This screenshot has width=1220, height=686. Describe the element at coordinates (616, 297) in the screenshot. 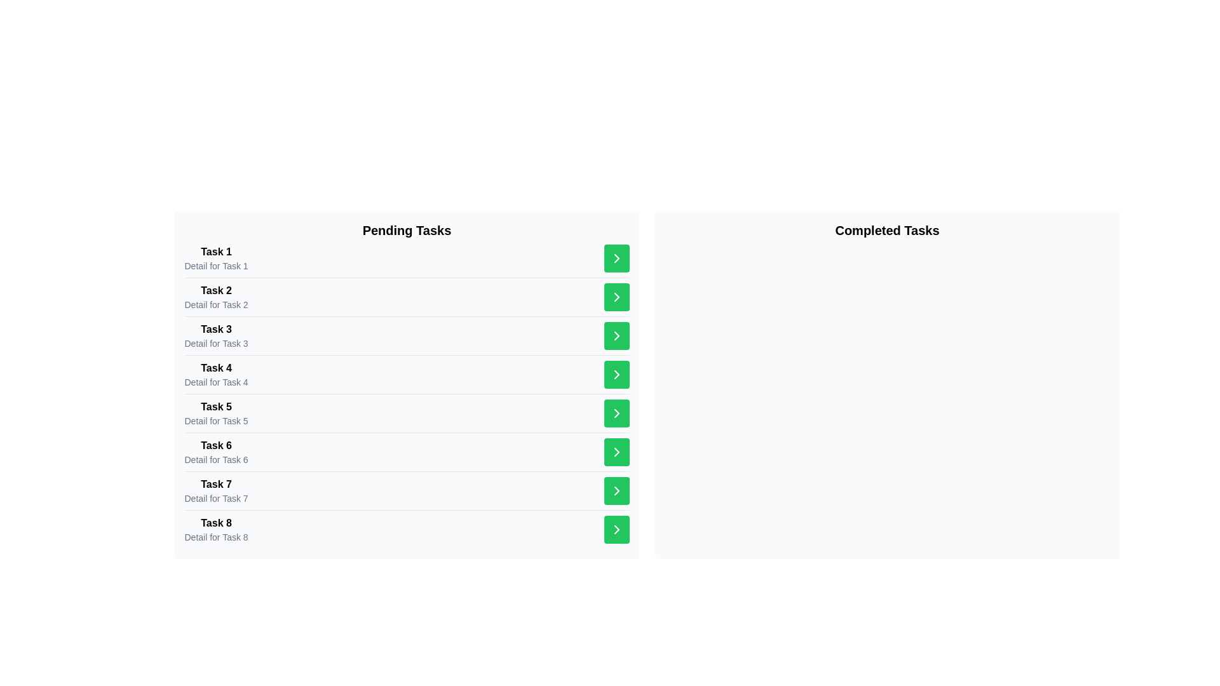

I see `the chevron icon inside the green button for 'Task 4' in the 'Pending Tasks' column to initiate a task-specific action` at that location.